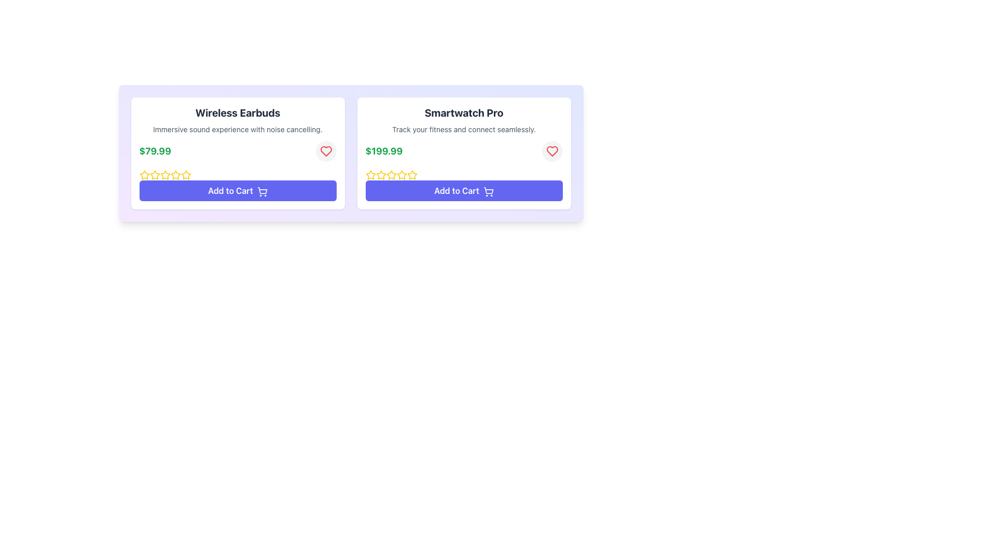 The image size is (996, 560). Describe the element at coordinates (551, 151) in the screenshot. I see `the 'like' icon located in the top-right corner of the 'Smartwatch Pro' card` at that location.